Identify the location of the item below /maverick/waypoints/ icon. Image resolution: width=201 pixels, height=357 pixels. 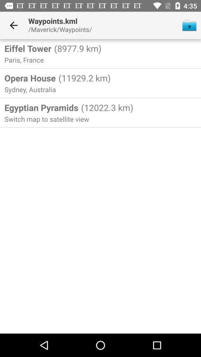
(76, 48).